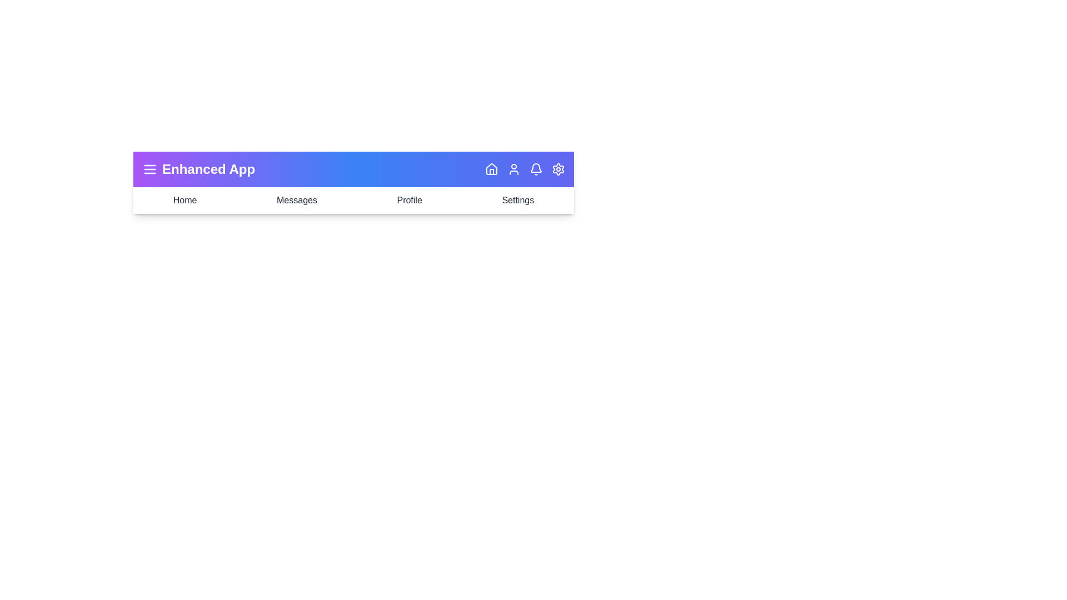 This screenshot has height=600, width=1067. Describe the element at coordinates (491, 169) in the screenshot. I see `the Home icon in the navigation bar` at that location.